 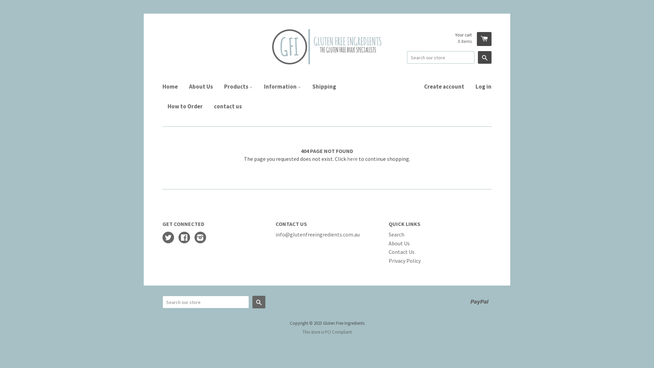 What do you see at coordinates (473, 39) in the screenshot?
I see `'Your cart` at bounding box center [473, 39].